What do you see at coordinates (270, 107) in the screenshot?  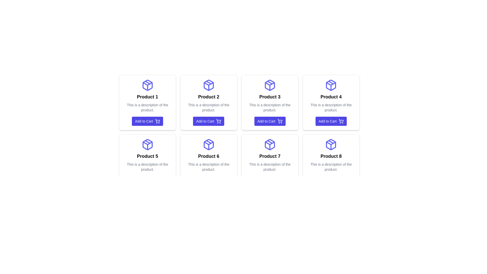 I see `text displayed in the text block that says 'This is a description of the product.' located below the title 'Product 3' and above the 'Add to Cart' button` at bounding box center [270, 107].